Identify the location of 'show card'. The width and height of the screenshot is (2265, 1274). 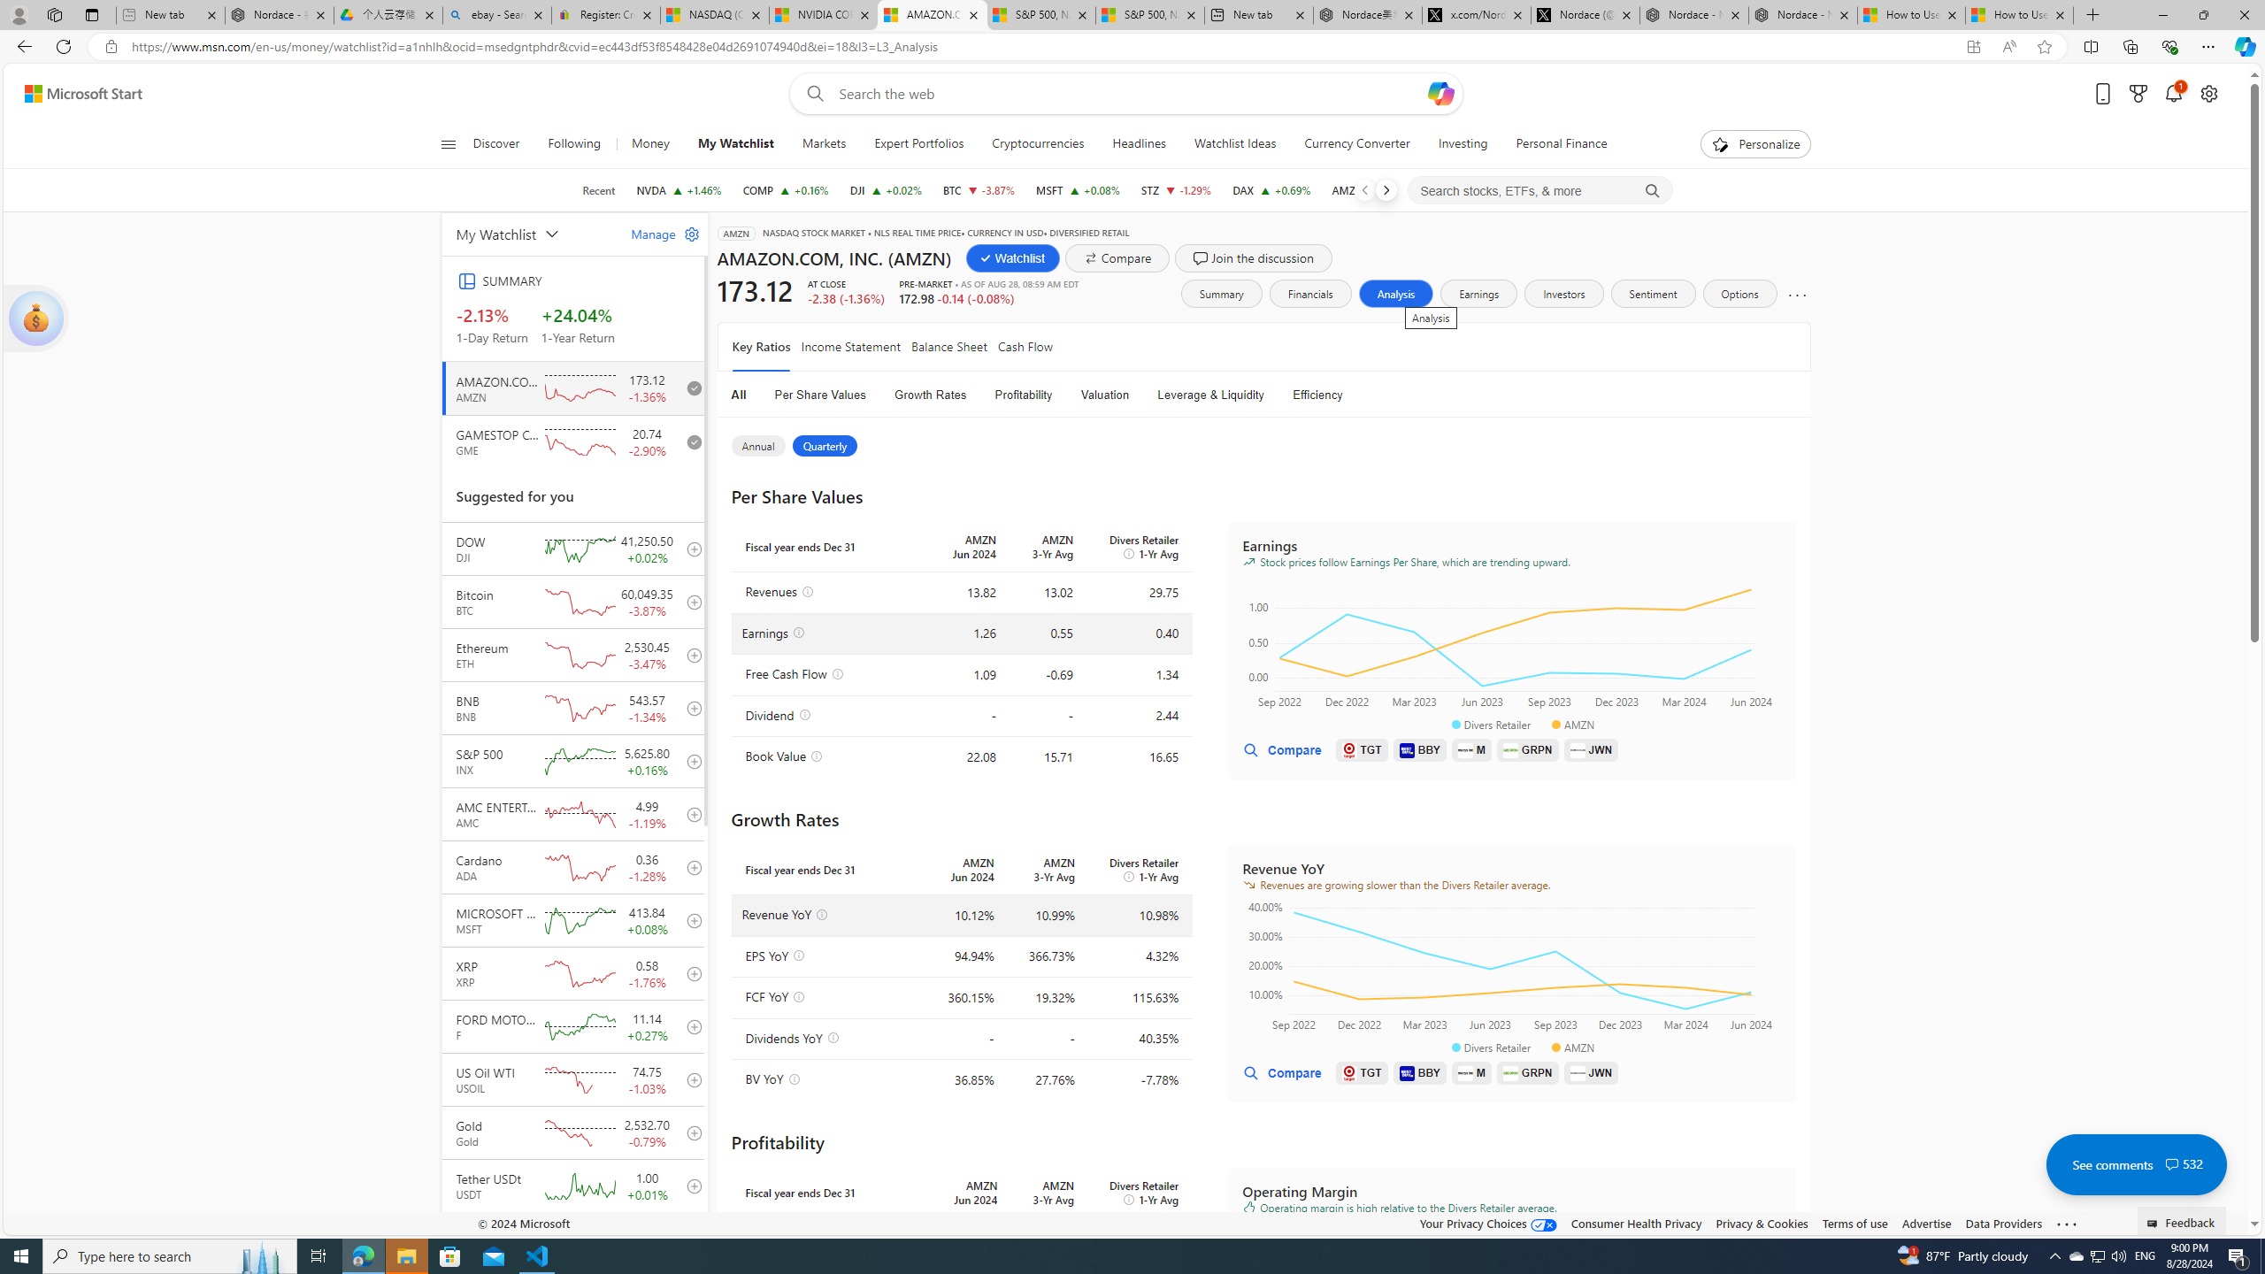
(35, 318).